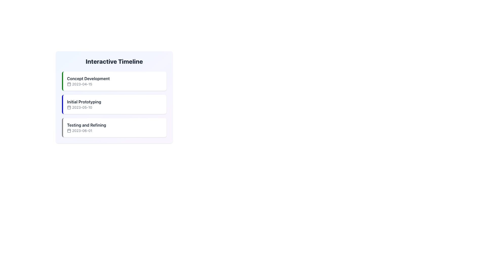 The width and height of the screenshot is (486, 273). What do you see at coordinates (84, 107) in the screenshot?
I see `the informational text label indicating the date for the 'Initial Prototyping' milestone in the second row of the timeline interface` at bounding box center [84, 107].